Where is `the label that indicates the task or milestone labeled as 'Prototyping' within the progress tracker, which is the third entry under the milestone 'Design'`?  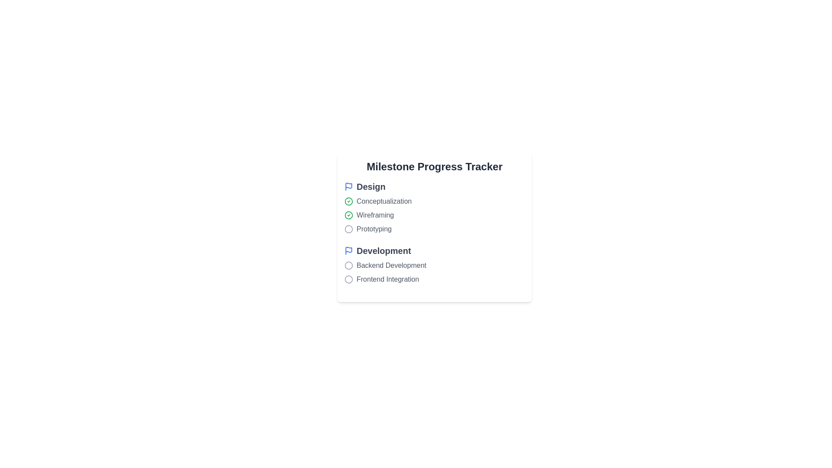
the label that indicates the task or milestone labeled as 'Prototyping' within the progress tracker, which is the third entry under the milestone 'Design' is located at coordinates (374, 228).